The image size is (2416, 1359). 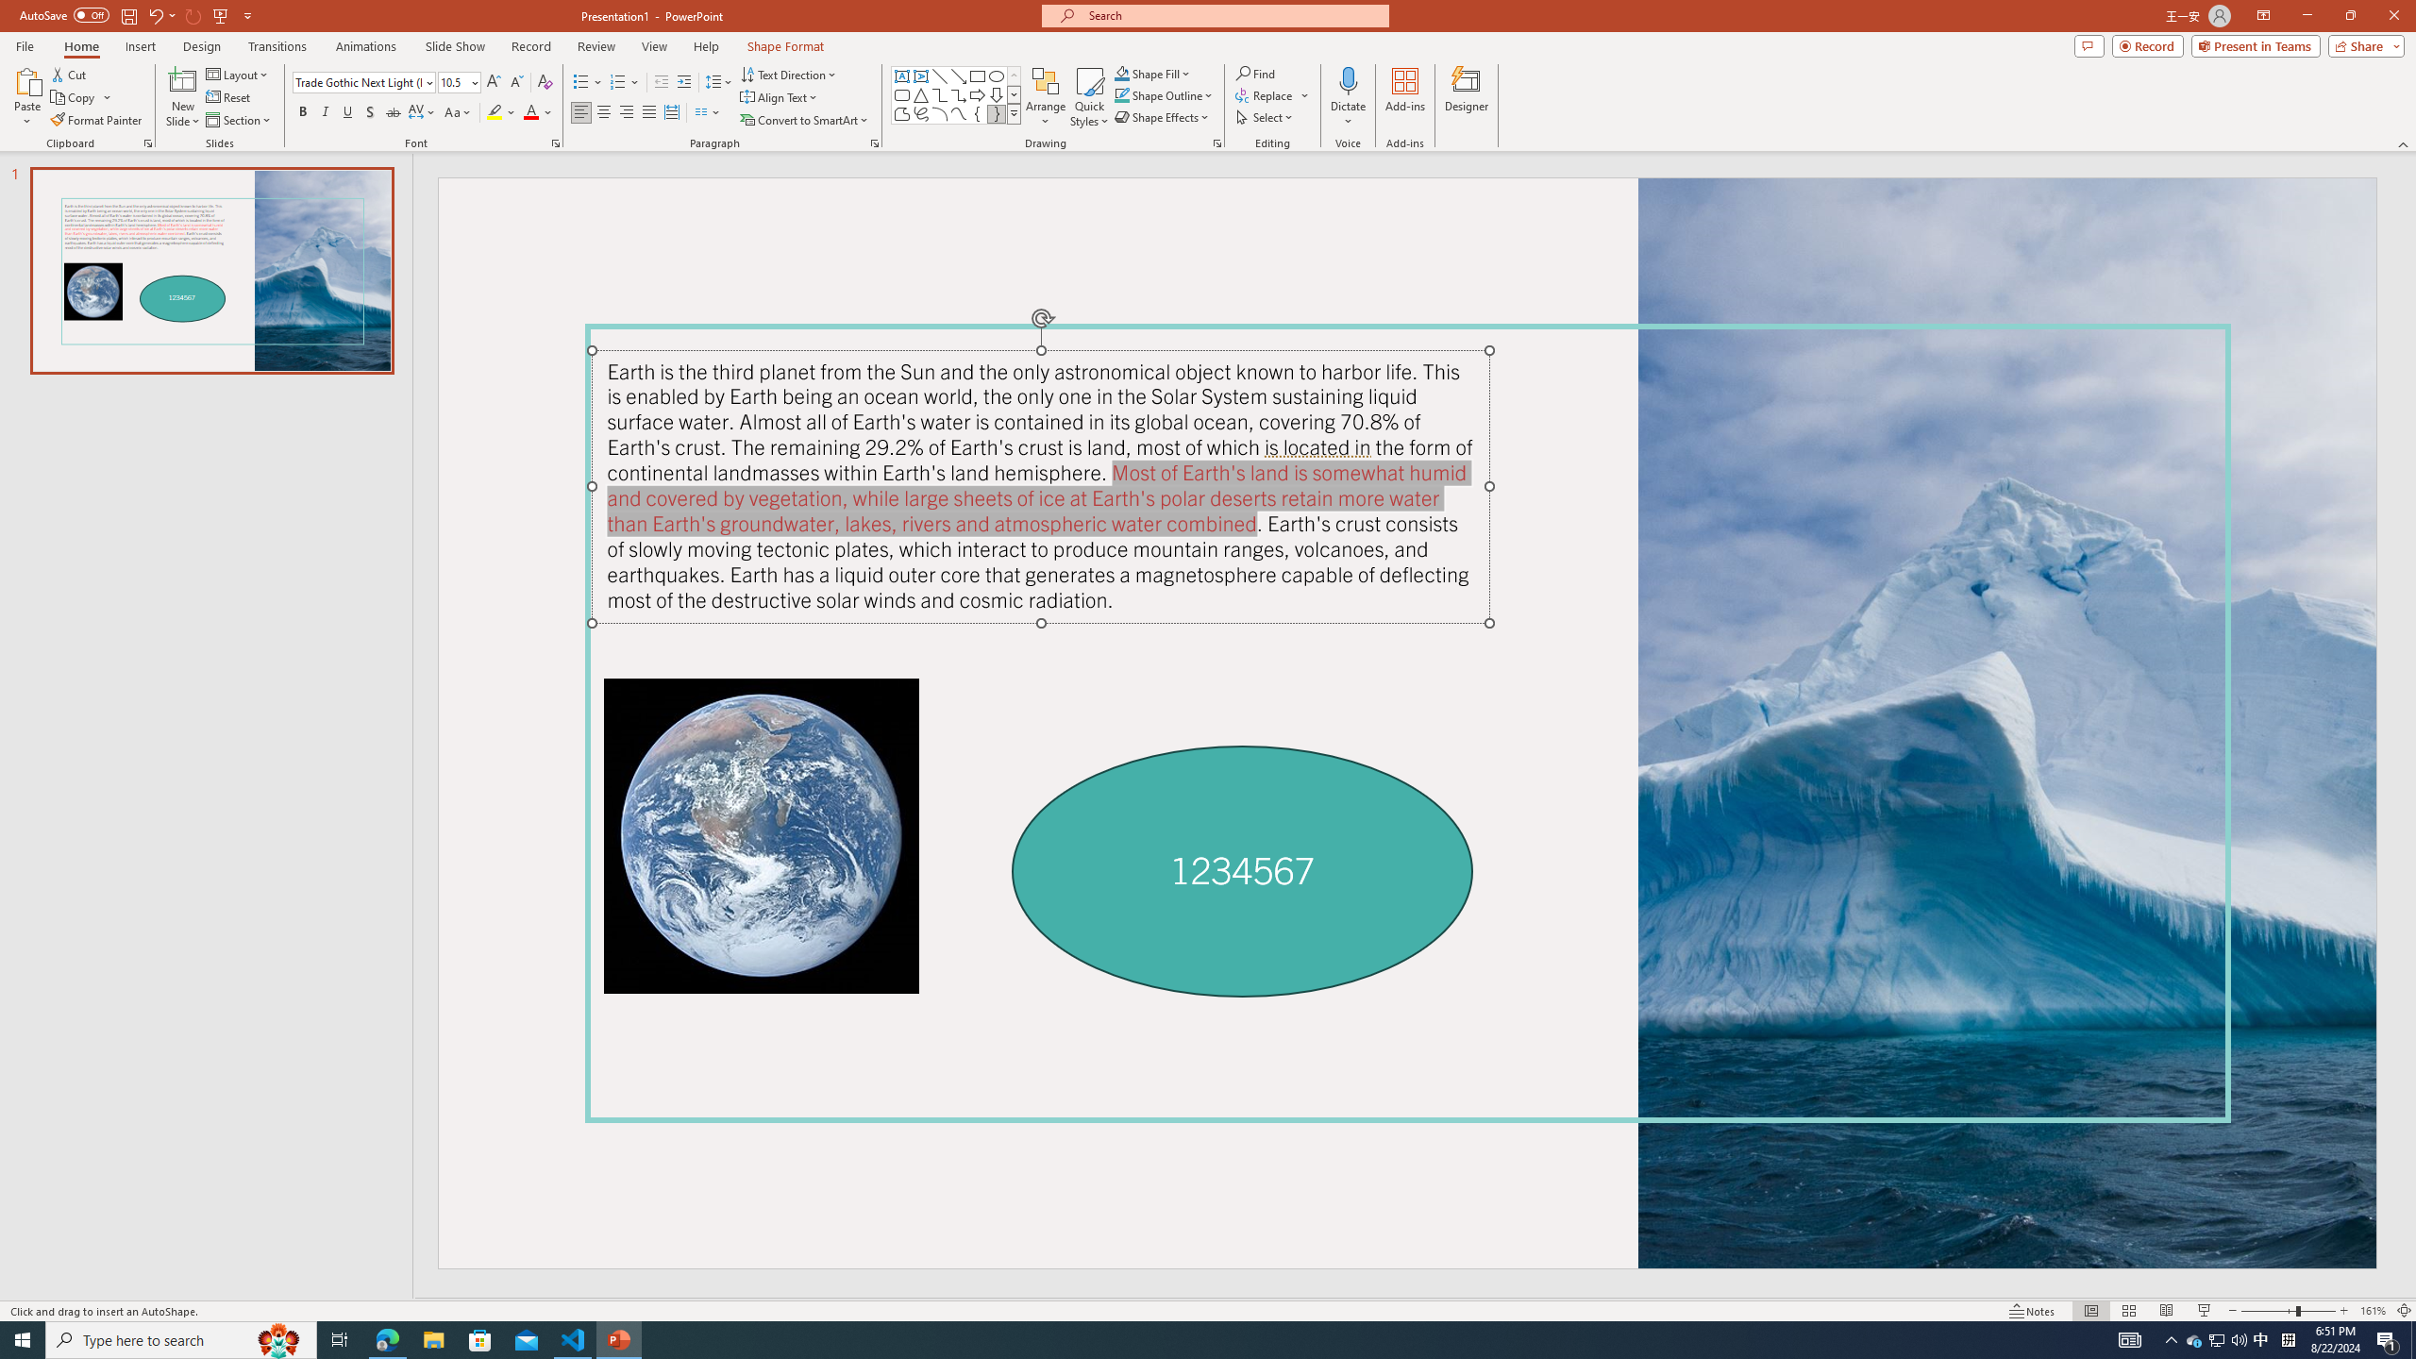 I want to click on 'Font...', so click(x=554, y=142).